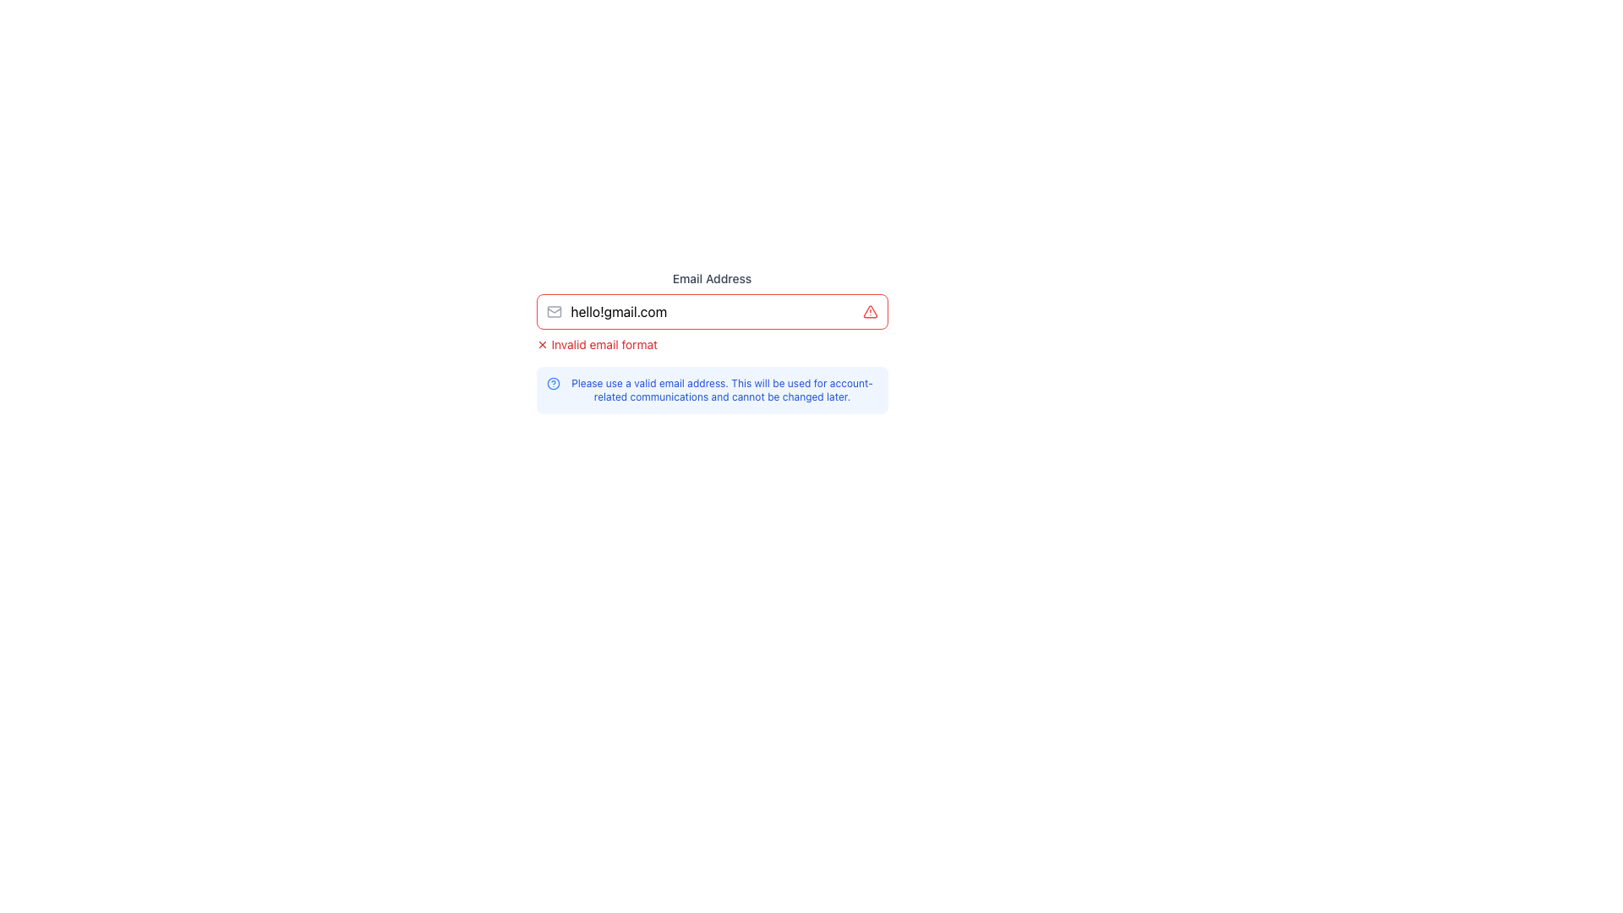  Describe the element at coordinates (553, 384) in the screenshot. I see `the information icon located to the left of the message box stating 'Please use a valid email address.'` at that location.